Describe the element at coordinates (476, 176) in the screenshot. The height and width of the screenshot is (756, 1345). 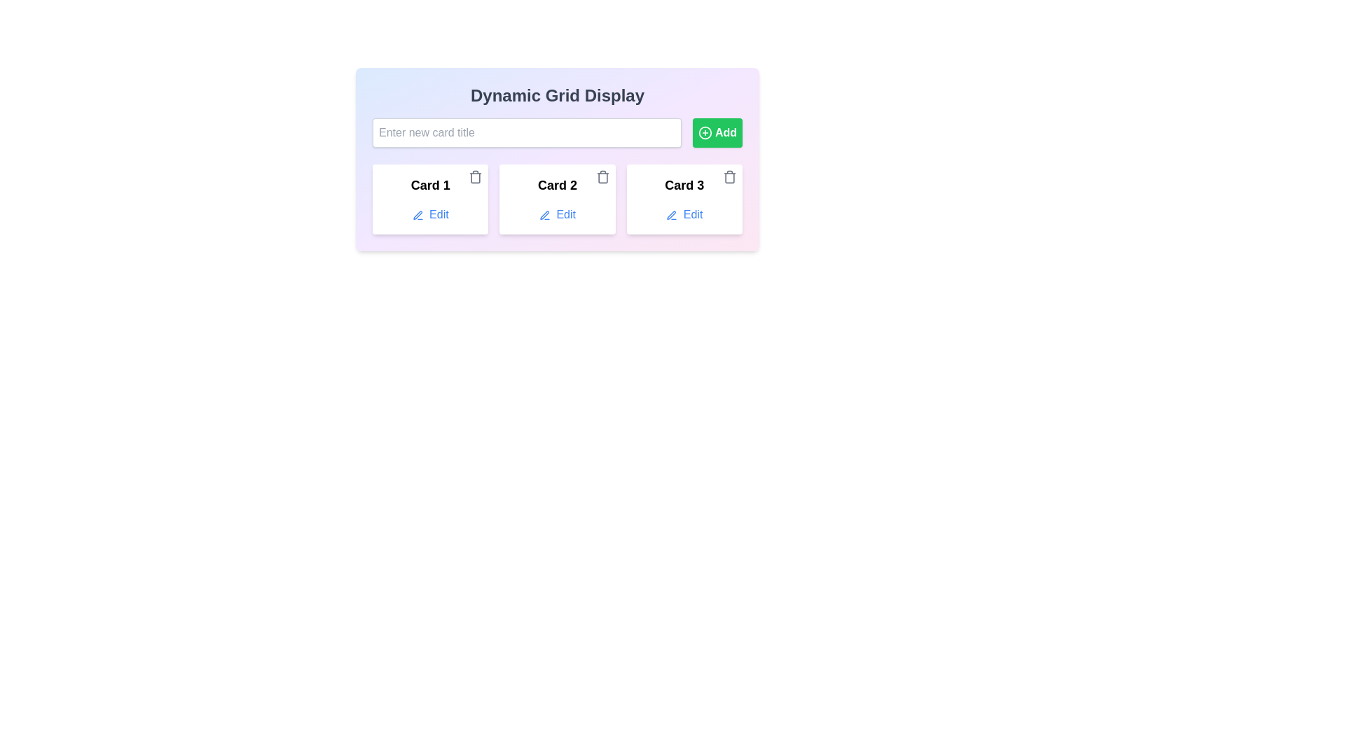
I see `the delete icon button located at the top-right corner of the card labeled 'Card 1'` at that location.